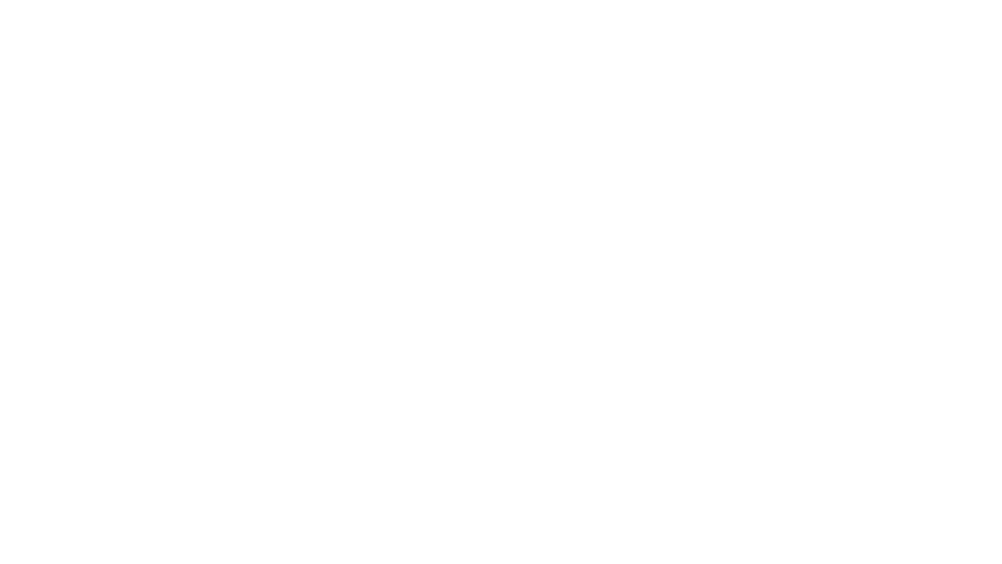 The height and width of the screenshot is (564, 1002). What do you see at coordinates (38, 361) in the screenshot?
I see `Play` at bounding box center [38, 361].